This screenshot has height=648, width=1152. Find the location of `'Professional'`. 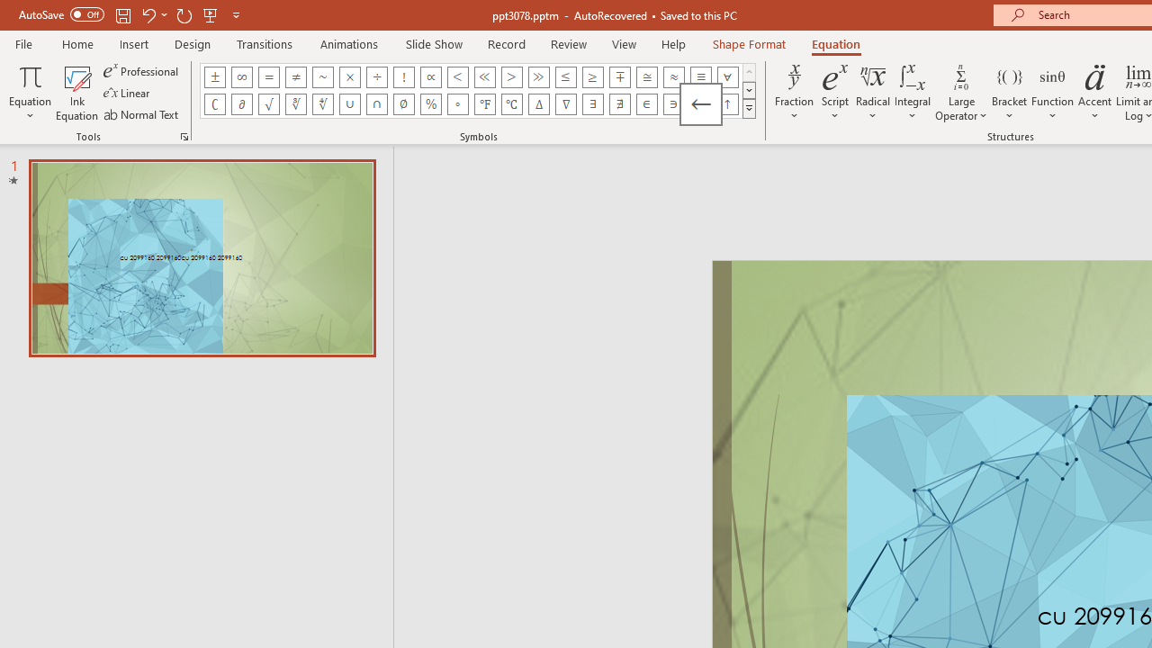

'Professional' is located at coordinates (141, 70).